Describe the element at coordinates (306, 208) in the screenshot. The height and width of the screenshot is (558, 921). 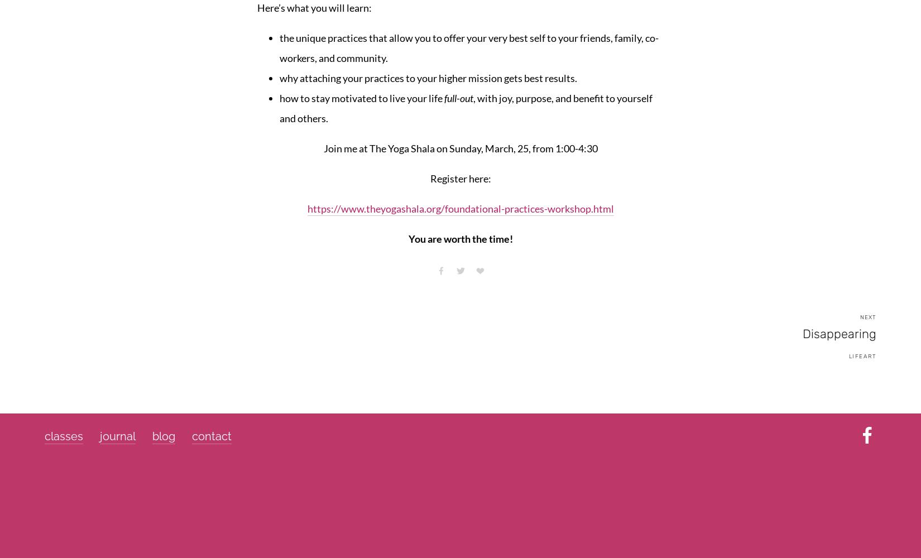
I see `'https://www.theyogashala.org/foundational-practices-workshop.html'` at that location.